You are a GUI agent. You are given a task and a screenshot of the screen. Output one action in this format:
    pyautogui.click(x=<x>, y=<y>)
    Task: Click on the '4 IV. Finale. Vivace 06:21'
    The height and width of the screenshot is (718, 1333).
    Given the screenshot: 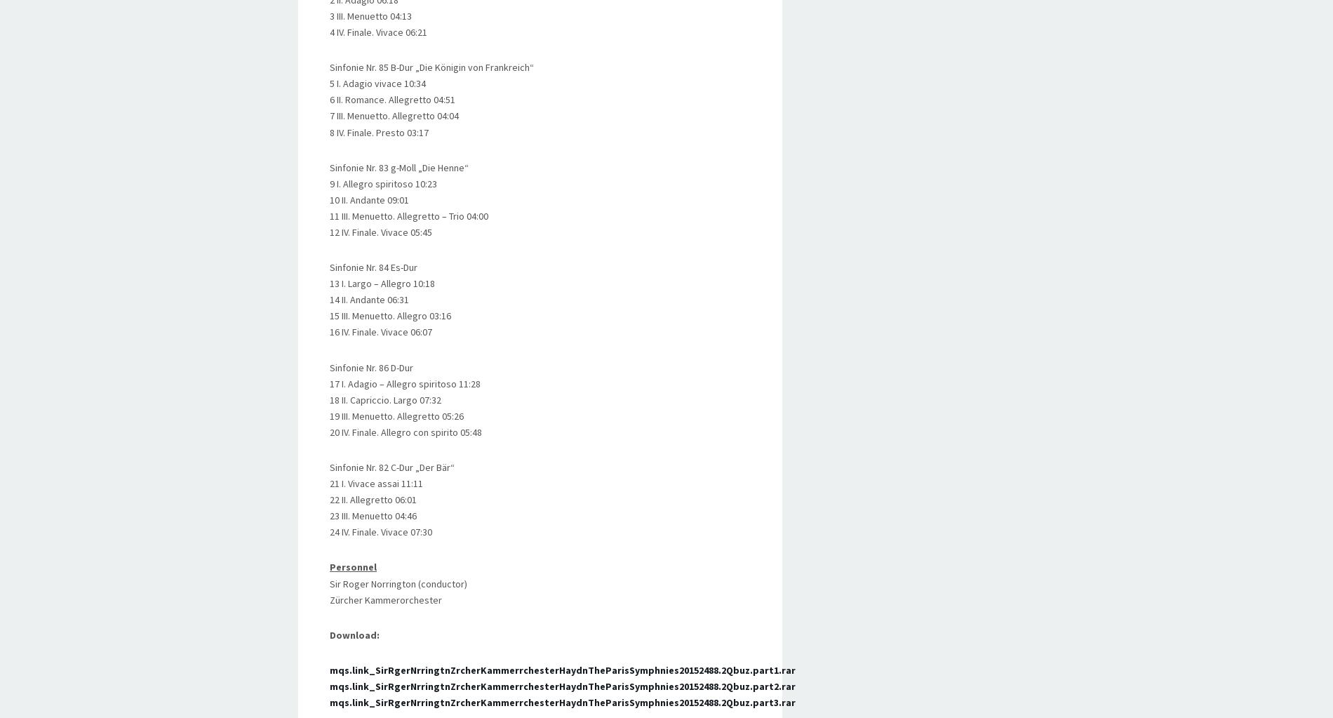 What is the action you would take?
    pyautogui.click(x=378, y=32)
    